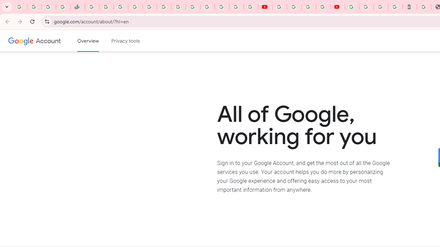 Image resolution: width=440 pixels, height=247 pixels. Describe the element at coordinates (338, 7) in the screenshot. I see `'Content Creator Programs & Opportunities - YouTube Creators'` at that location.